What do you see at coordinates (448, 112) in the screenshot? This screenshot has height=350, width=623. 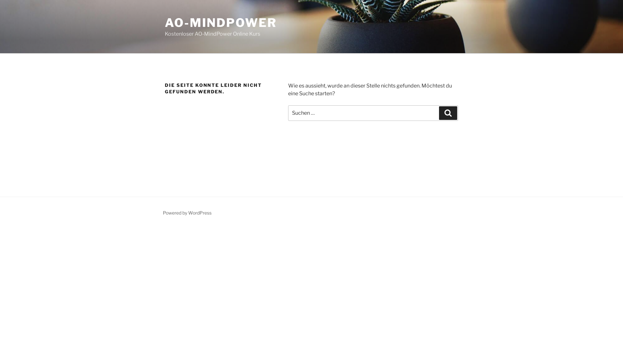 I see `'Suchen'` at bounding box center [448, 112].